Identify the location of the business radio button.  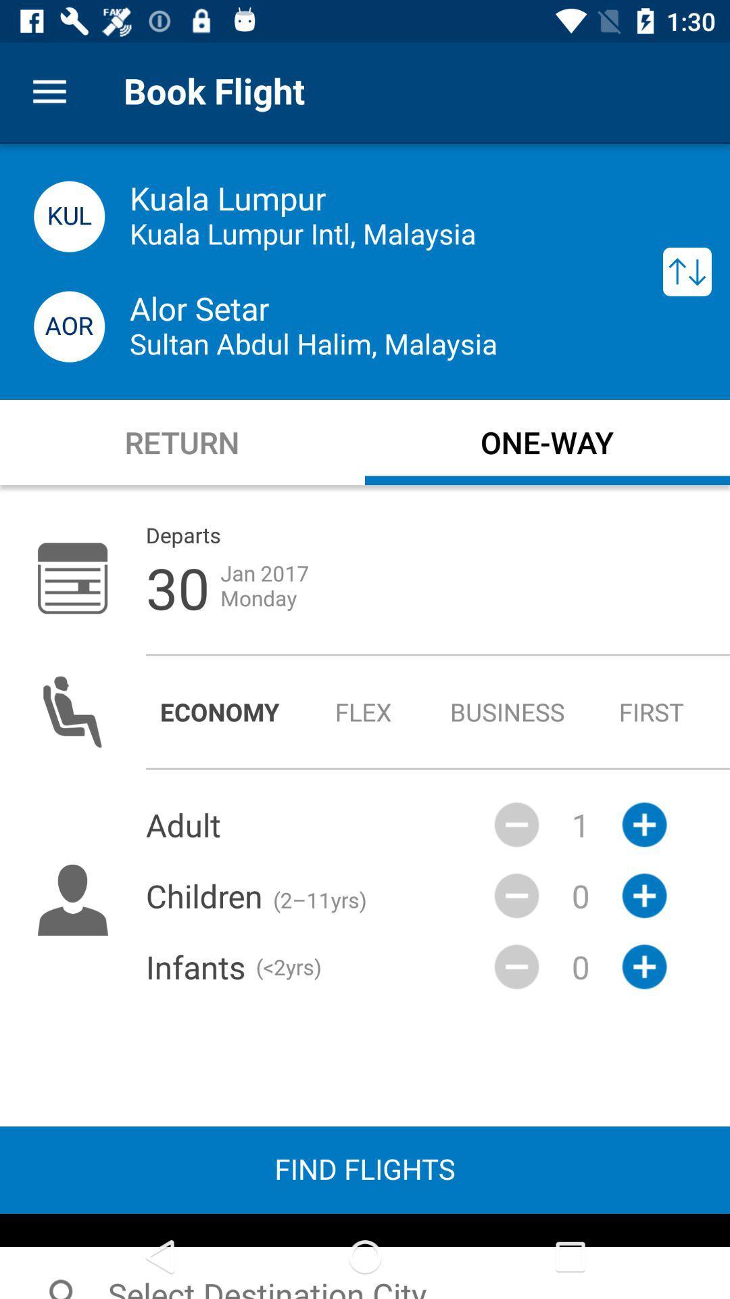
(508, 711).